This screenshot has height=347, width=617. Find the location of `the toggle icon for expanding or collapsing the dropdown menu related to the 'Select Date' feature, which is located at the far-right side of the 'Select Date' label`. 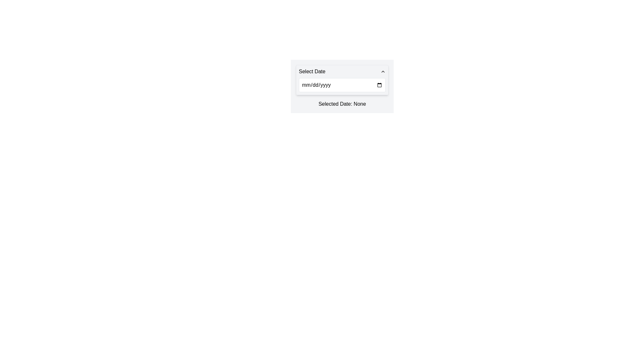

the toggle icon for expanding or collapsing the dropdown menu related to the 'Select Date' feature, which is located at the far-right side of the 'Select Date' label is located at coordinates (383, 72).